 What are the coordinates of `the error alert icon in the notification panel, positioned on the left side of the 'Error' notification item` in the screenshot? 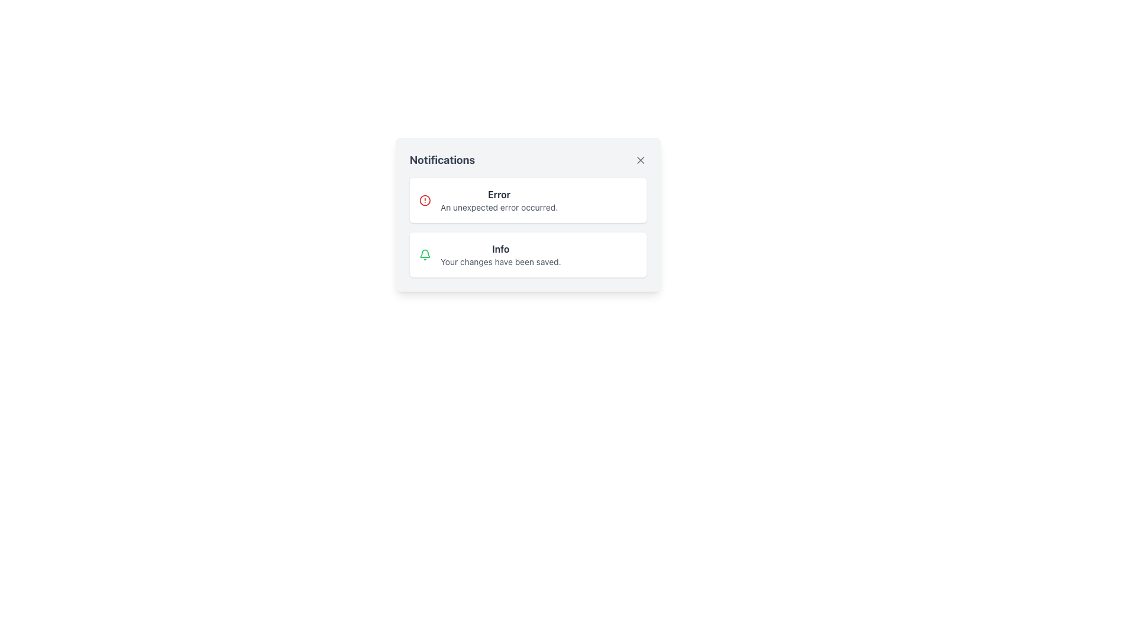 It's located at (425, 200).